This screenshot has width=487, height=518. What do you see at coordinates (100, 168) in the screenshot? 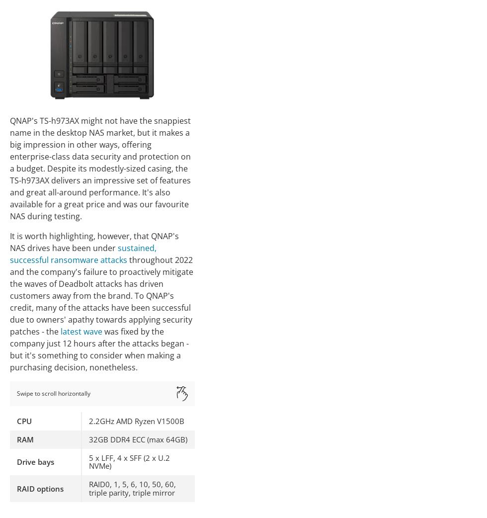
I see `'QNAP's TS-h973AX might not have the snappiest name in the desktop NAS market, but it makes a big impression in other ways, offering enterprise-class data security and protection on a budget. Despite its modestly-sized casing, the TS-h973AX delivers an impressive set of features and great all-around performance. It's also available for a great price and was our favourite NAS during testing.'` at bounding box center [100, 168].